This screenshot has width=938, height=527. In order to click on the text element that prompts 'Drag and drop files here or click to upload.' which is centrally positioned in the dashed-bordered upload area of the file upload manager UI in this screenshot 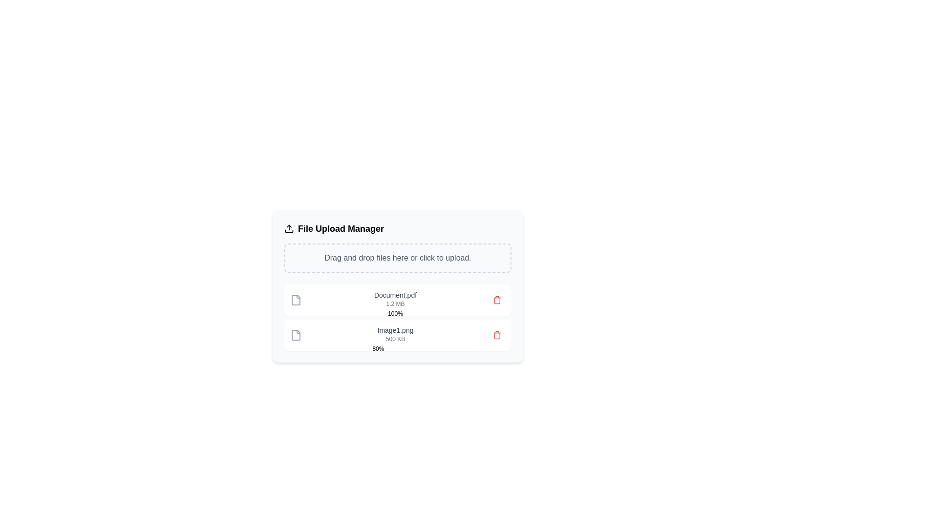, I will do `click(398, 257)`.